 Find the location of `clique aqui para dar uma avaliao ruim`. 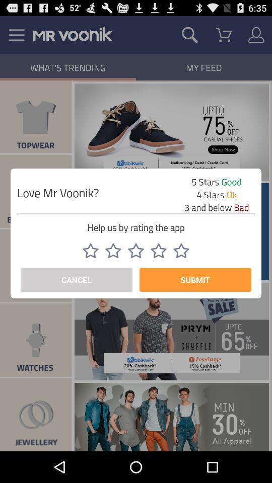

clique aqui para dar uma avaliao ruim is located at coordinates (181, 250).